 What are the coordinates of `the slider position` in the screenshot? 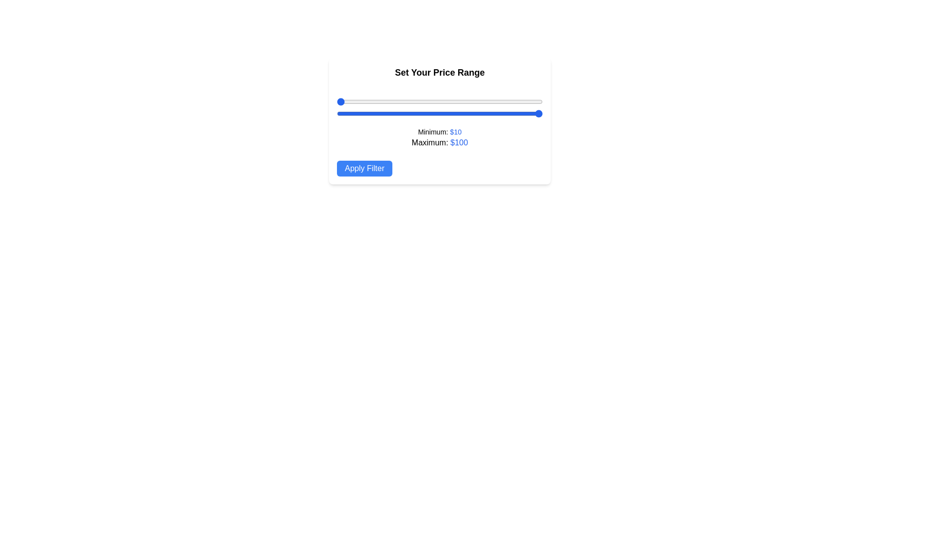 It's located at (430, 101).